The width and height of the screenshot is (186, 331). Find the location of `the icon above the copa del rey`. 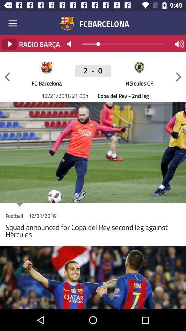

the icon above the copa del rey is located at coordinates (139, 83).